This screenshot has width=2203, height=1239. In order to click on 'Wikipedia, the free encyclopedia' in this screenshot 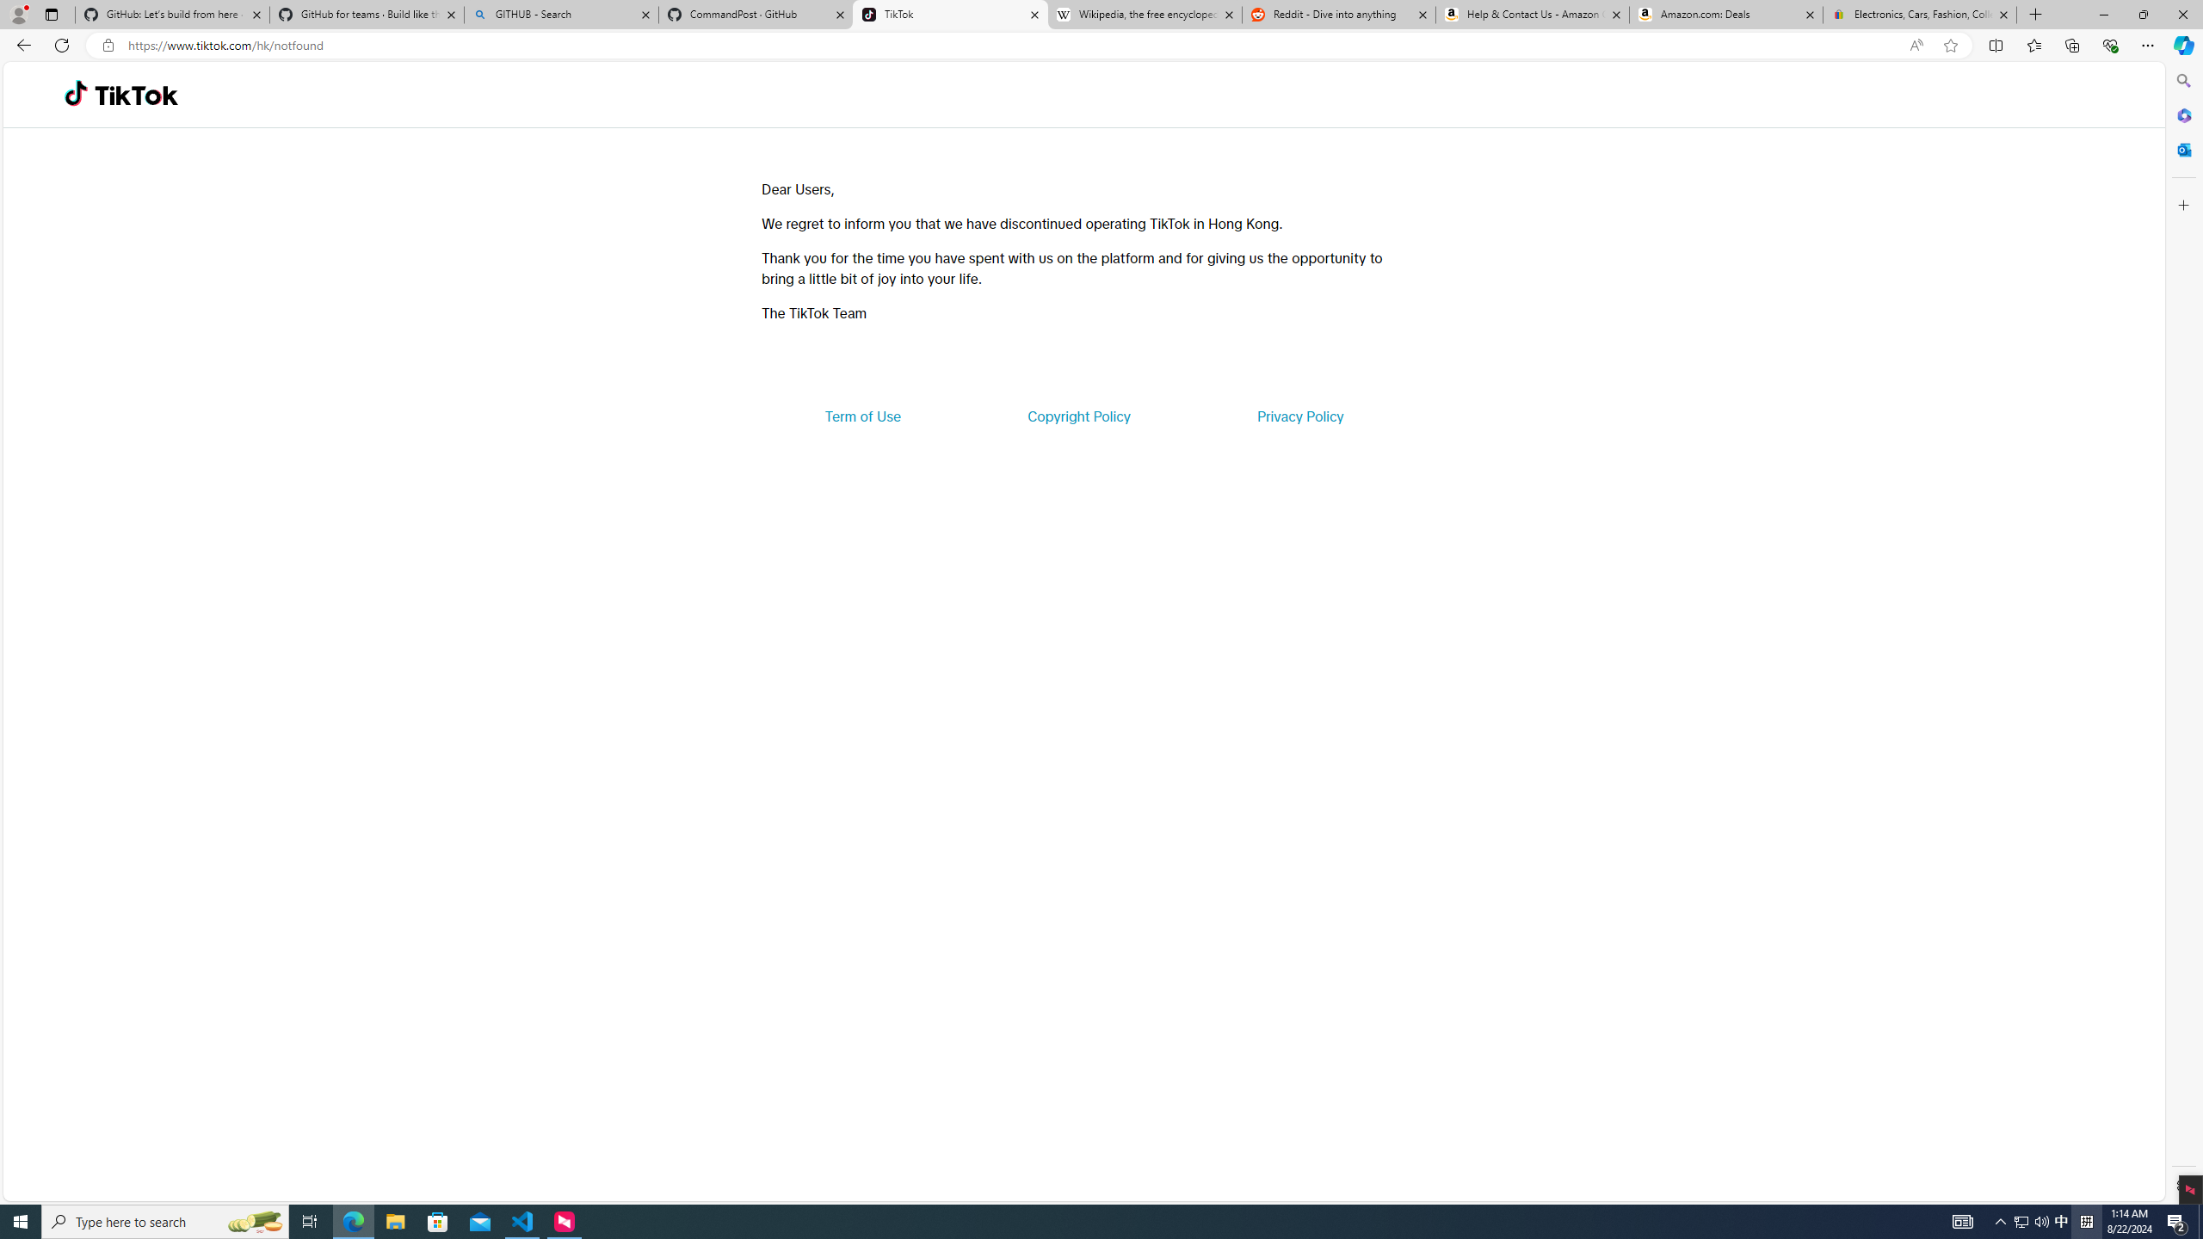, I will do `click(1143, 14)`.